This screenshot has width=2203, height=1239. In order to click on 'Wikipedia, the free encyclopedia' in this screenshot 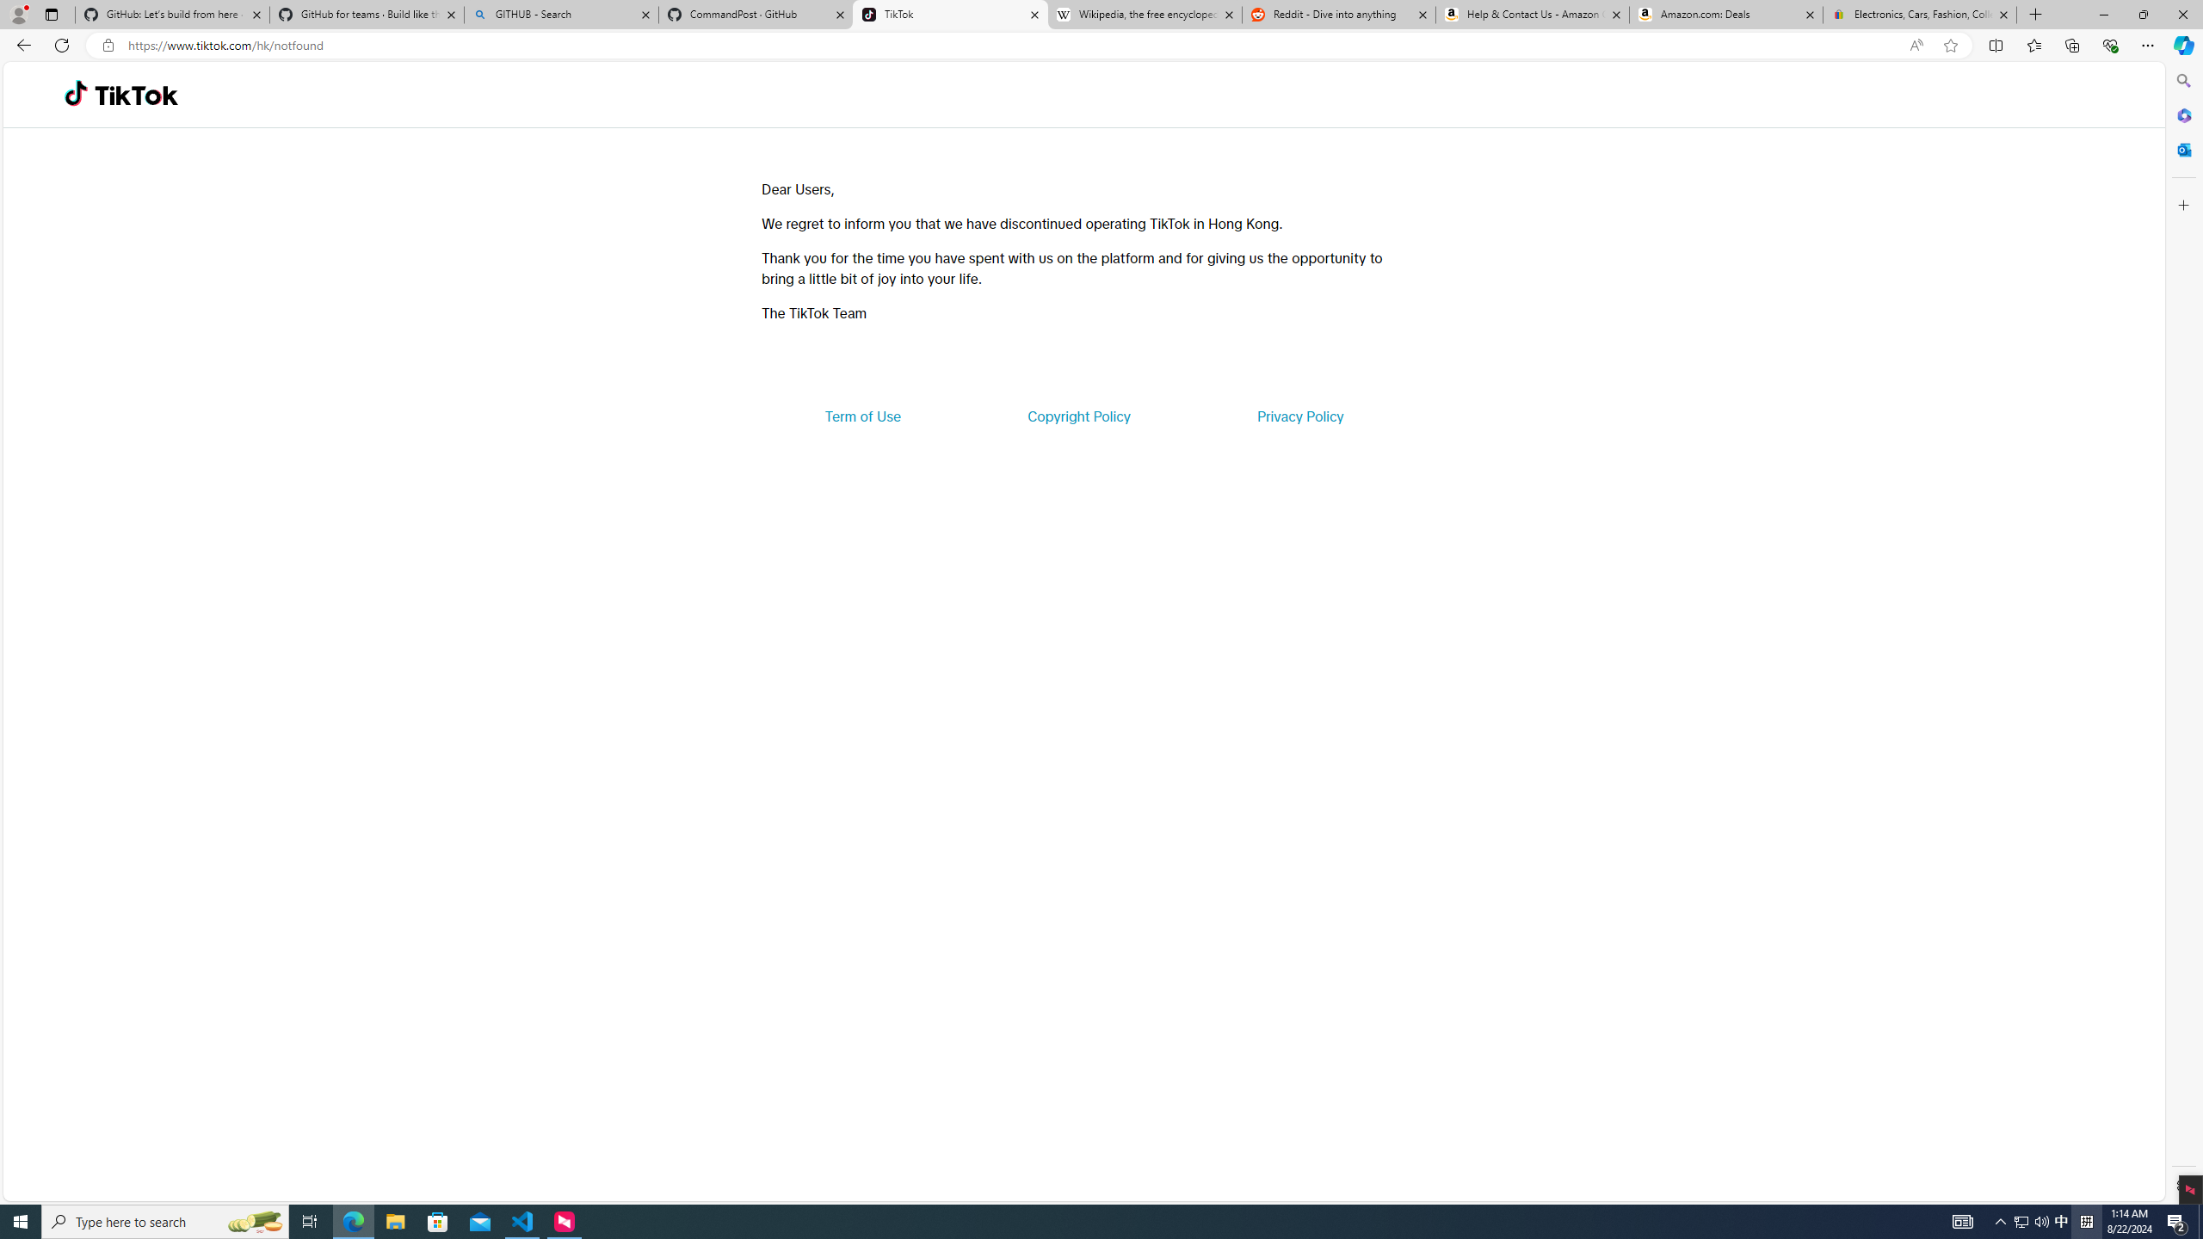, I will do `click(1143, 14)`.